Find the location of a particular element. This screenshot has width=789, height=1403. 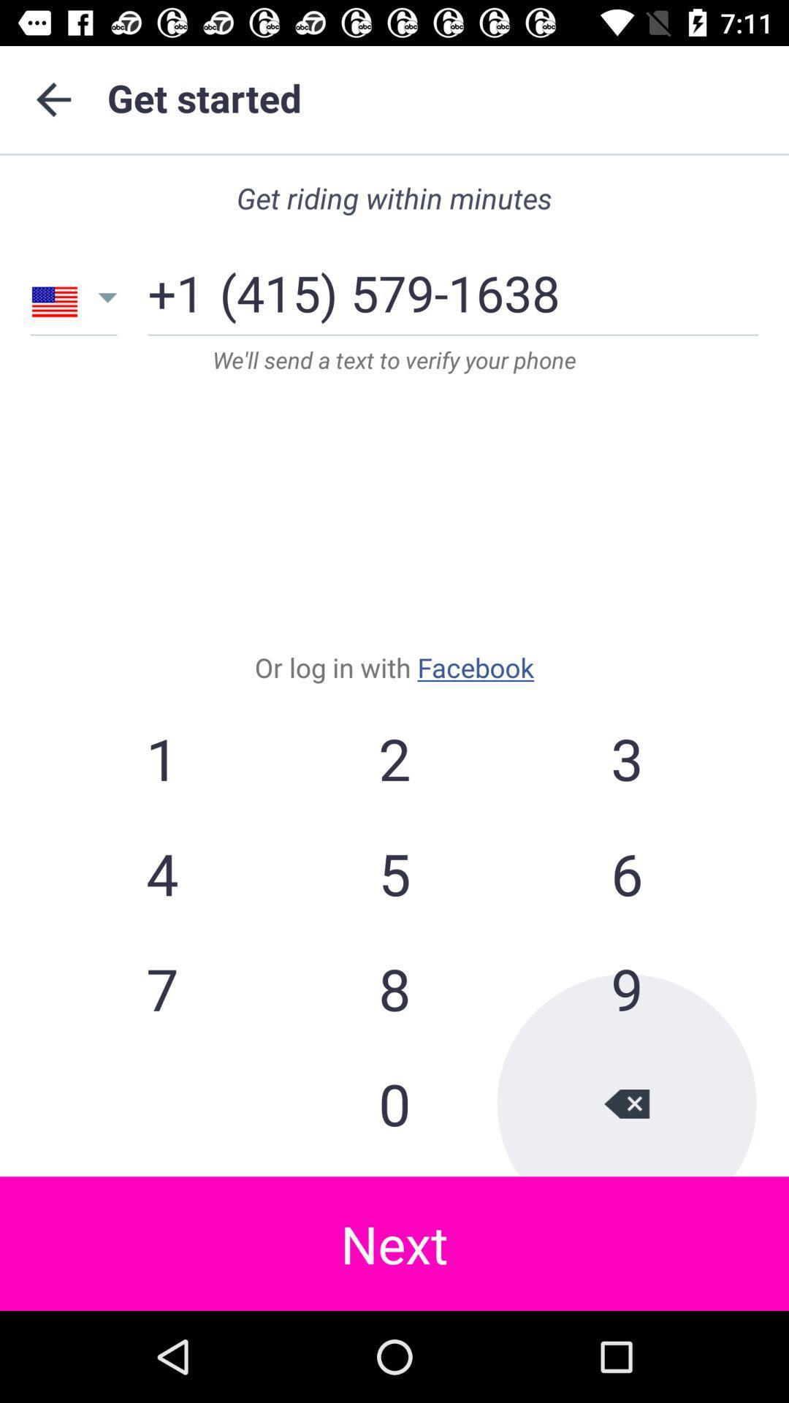

icon next to the 2 is located at coordinates (162, 873).